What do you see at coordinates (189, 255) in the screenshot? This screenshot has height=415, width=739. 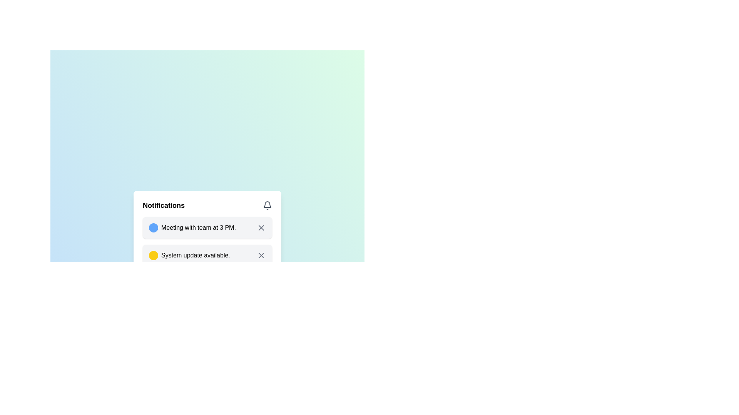 I see `the Notification item with an informational icon and text, which notifies the user of a system update available, positioned as the second item in the notification card` at bounding box center [189, 255].